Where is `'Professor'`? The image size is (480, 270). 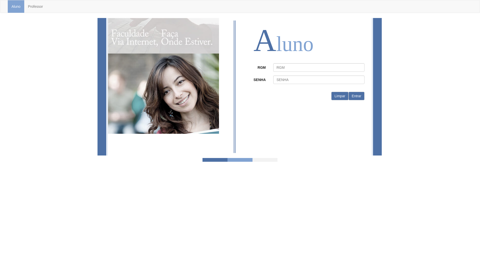 'Professor' is located at coordinates (35, 6).